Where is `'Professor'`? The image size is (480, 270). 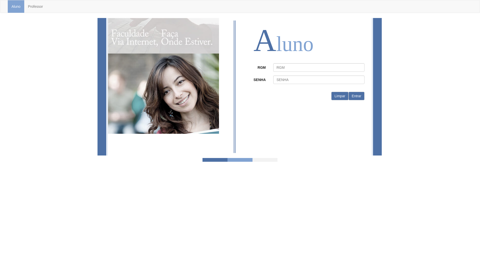 'Professor' is located at coordinates (35, 6).